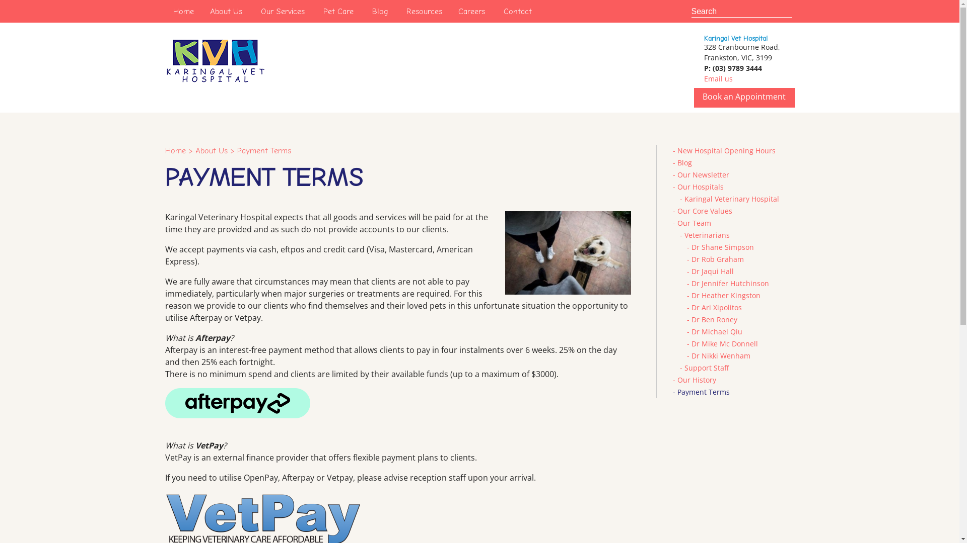 The width and height of the screenshot is (967, 543). Describe the element at coordinates (718, 78) in the screenshot. I see `'Email us'` at that location.